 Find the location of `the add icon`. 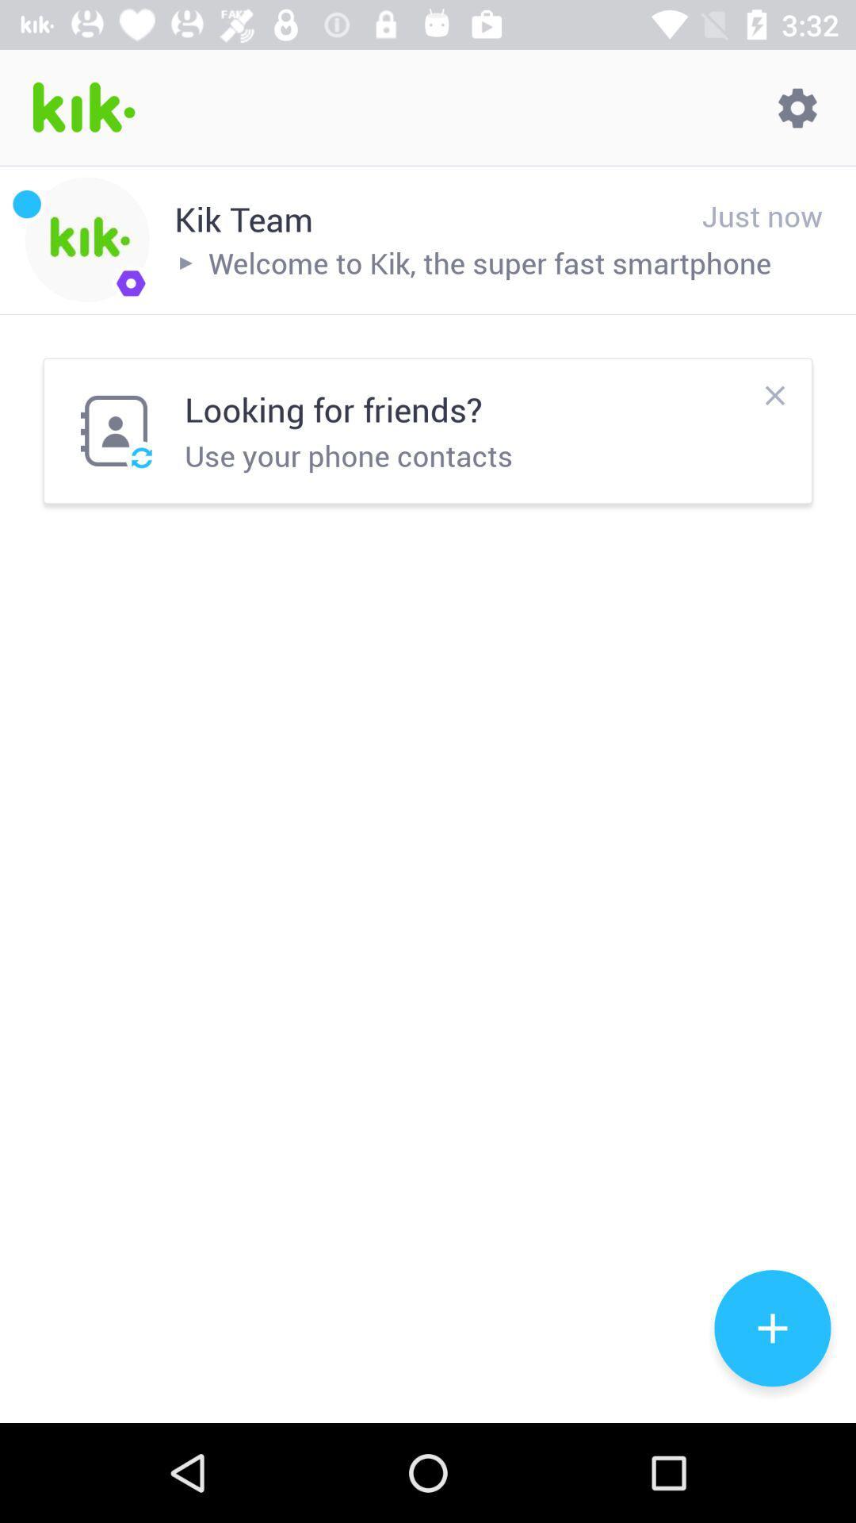

the add icon is located at coordinates (772, 1328).